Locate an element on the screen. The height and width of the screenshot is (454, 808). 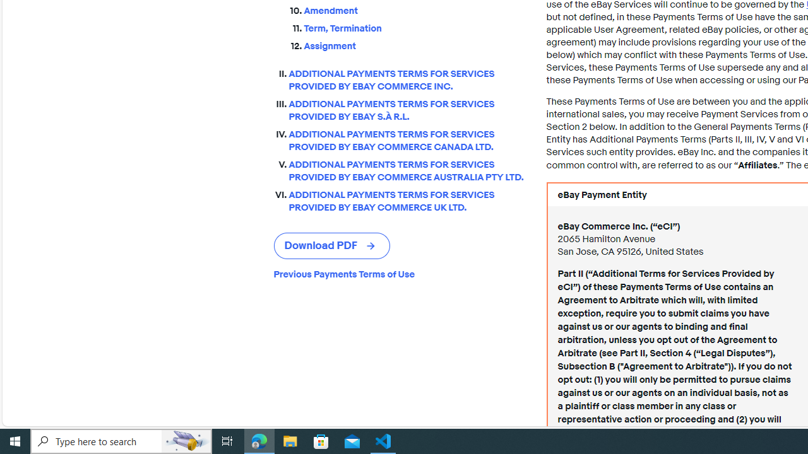
'Download PDF ' is located at coordinates (332, 246).